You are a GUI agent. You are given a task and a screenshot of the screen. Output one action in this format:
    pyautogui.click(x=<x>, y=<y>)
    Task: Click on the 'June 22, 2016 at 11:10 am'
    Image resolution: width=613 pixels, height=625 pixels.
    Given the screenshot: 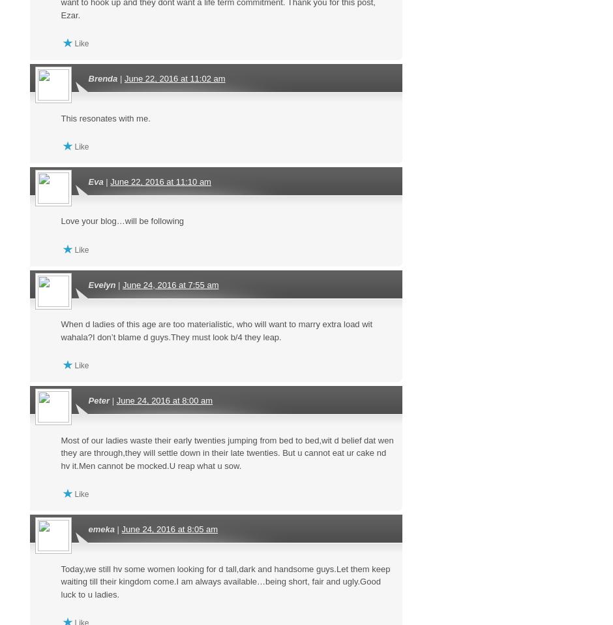 What is the action you would take?
    pyautogui.click(x=110, y=181)
    